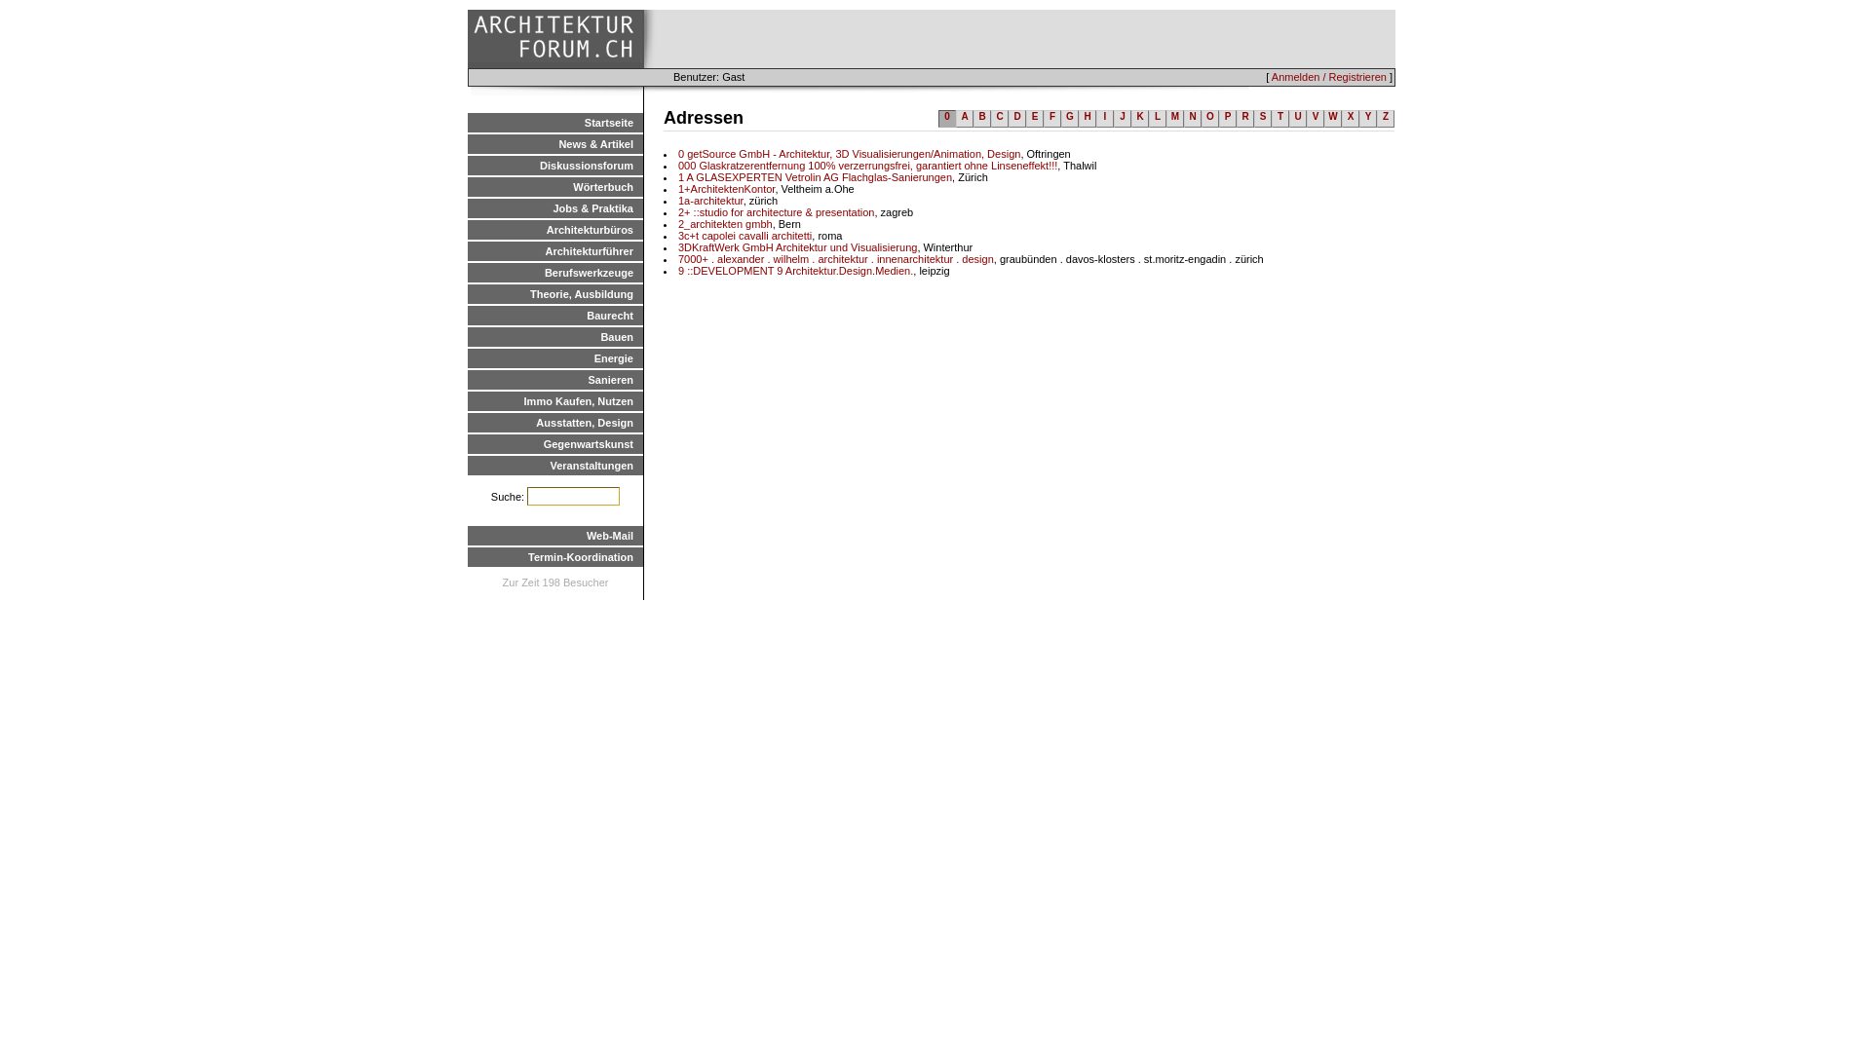  Describe the element at coordinates (744, 235) in the screenshot. I see `'3c+t capolei cavalli architetti'` at that location.